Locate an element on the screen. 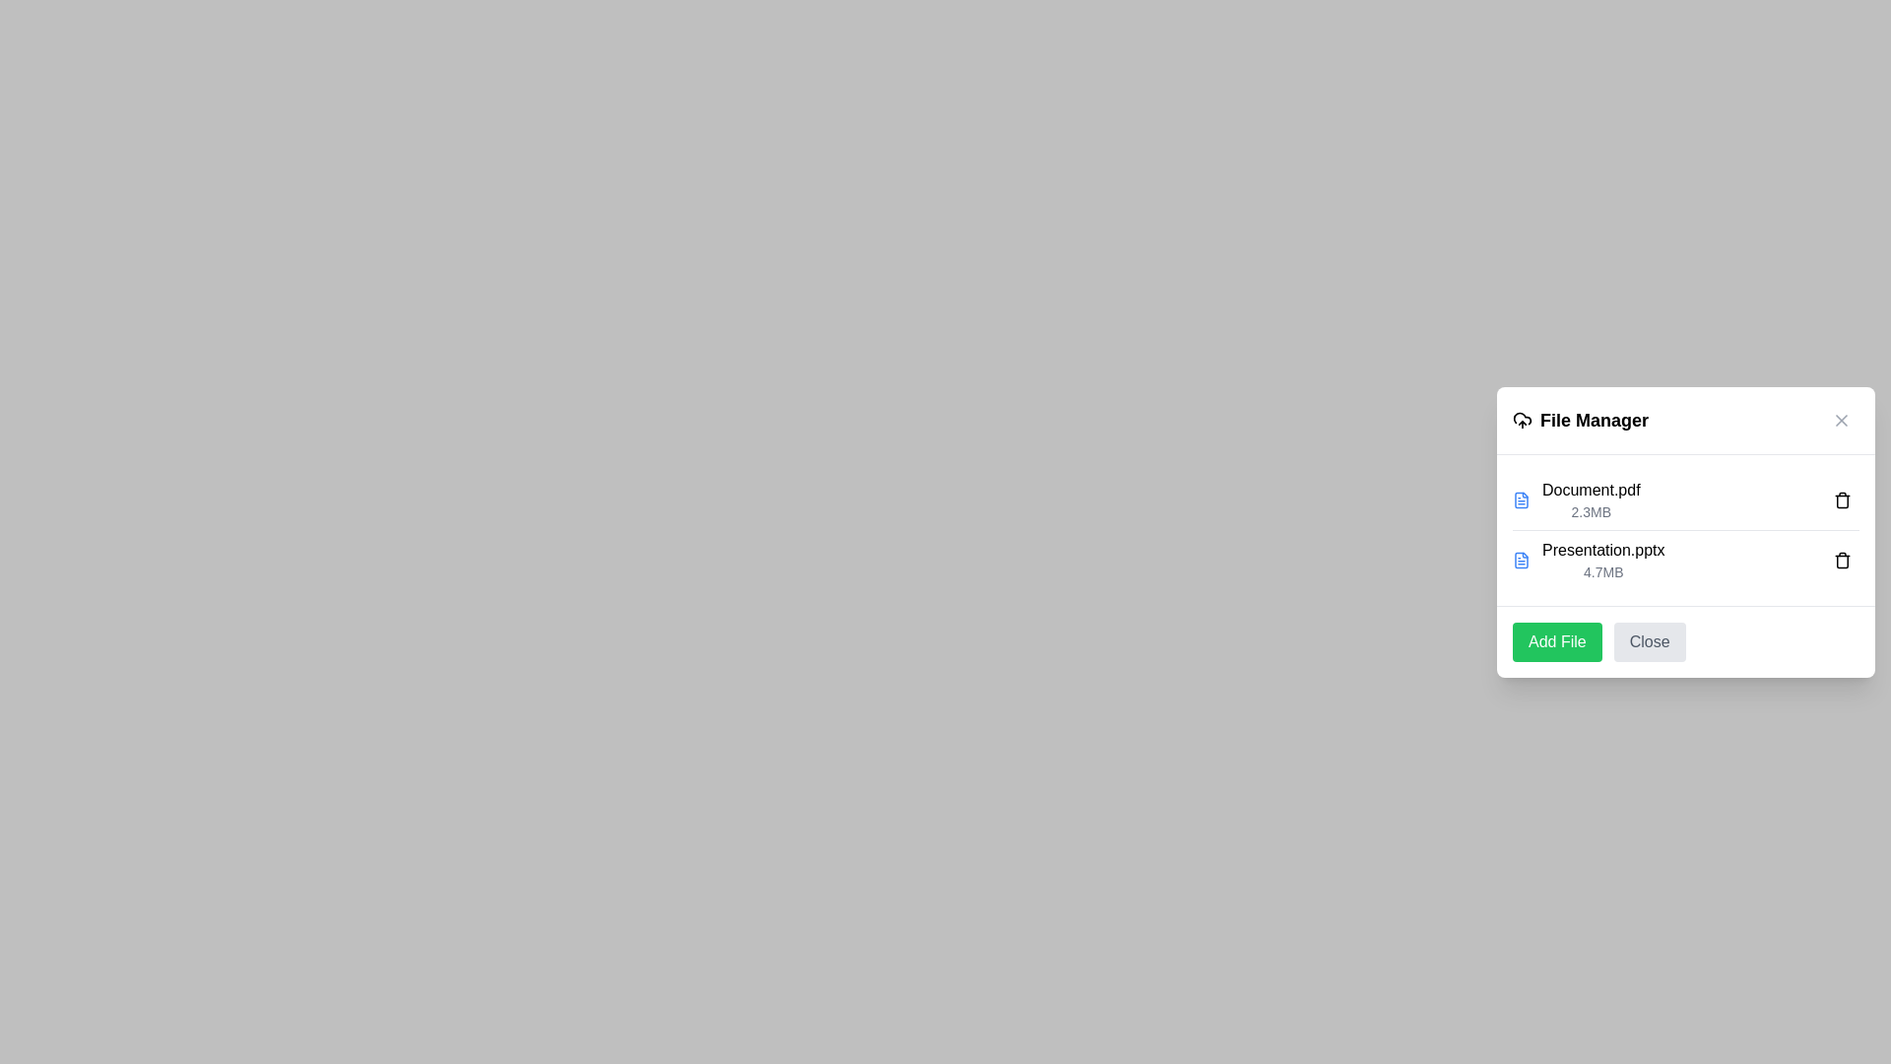  to select the file 'Presentation.pptx' in the File Manager dialog box is located at coordinates (1603, 560).